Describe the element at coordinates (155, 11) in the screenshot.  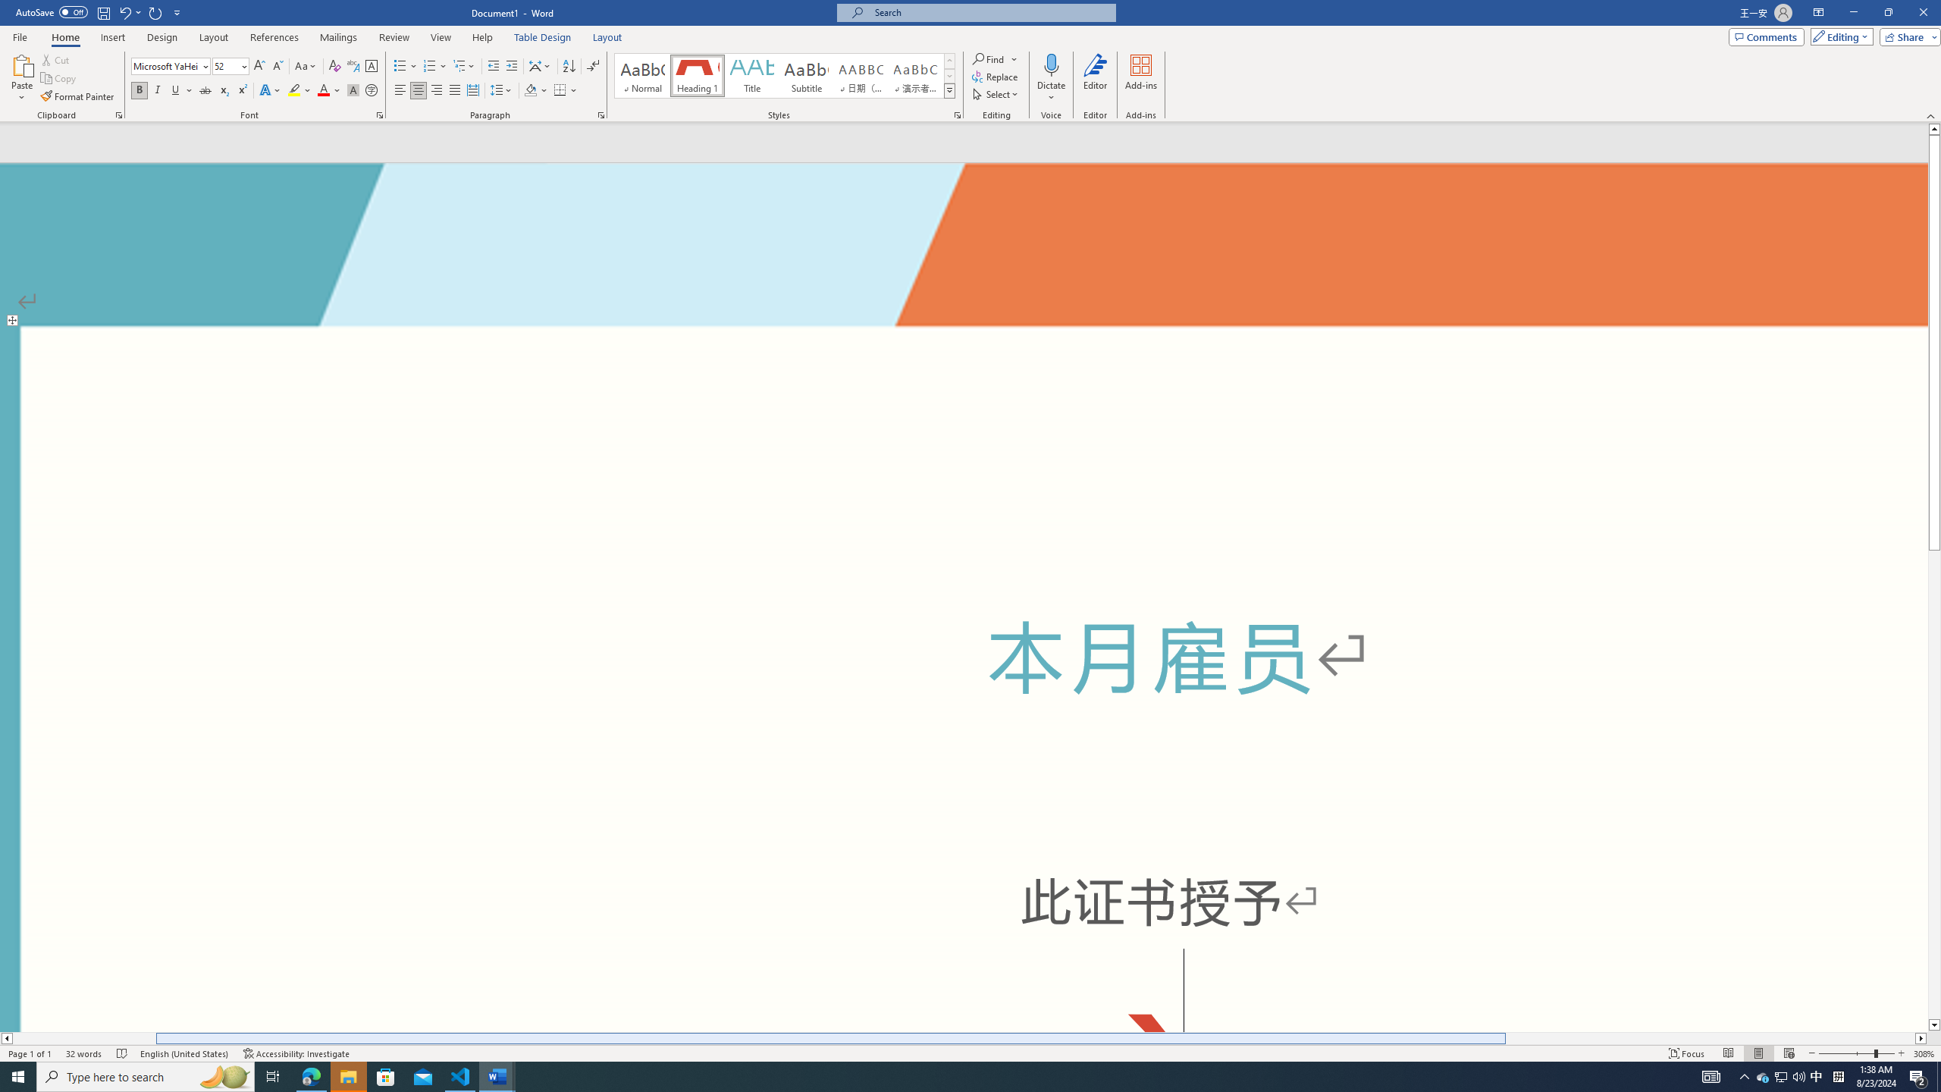
I see `'Repeat Typing'` at that location.